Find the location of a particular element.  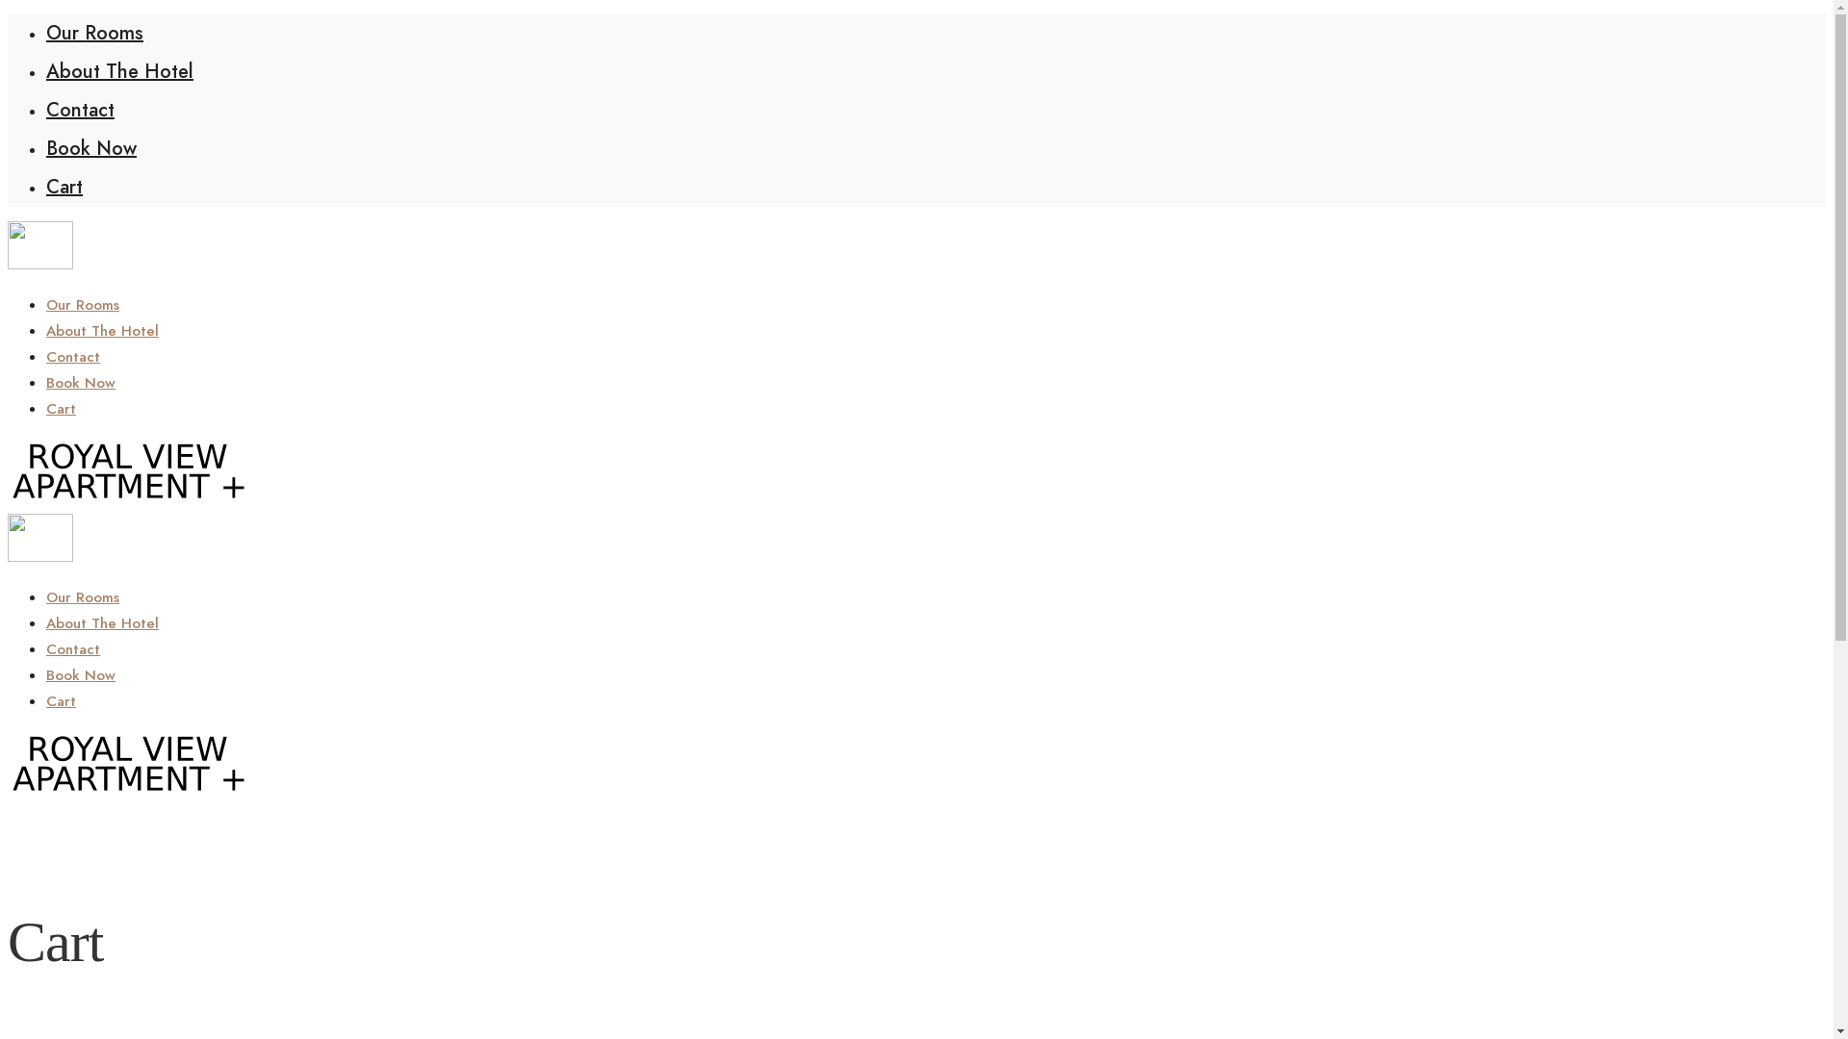

'Book Now' is located at coordinates (79, 674).